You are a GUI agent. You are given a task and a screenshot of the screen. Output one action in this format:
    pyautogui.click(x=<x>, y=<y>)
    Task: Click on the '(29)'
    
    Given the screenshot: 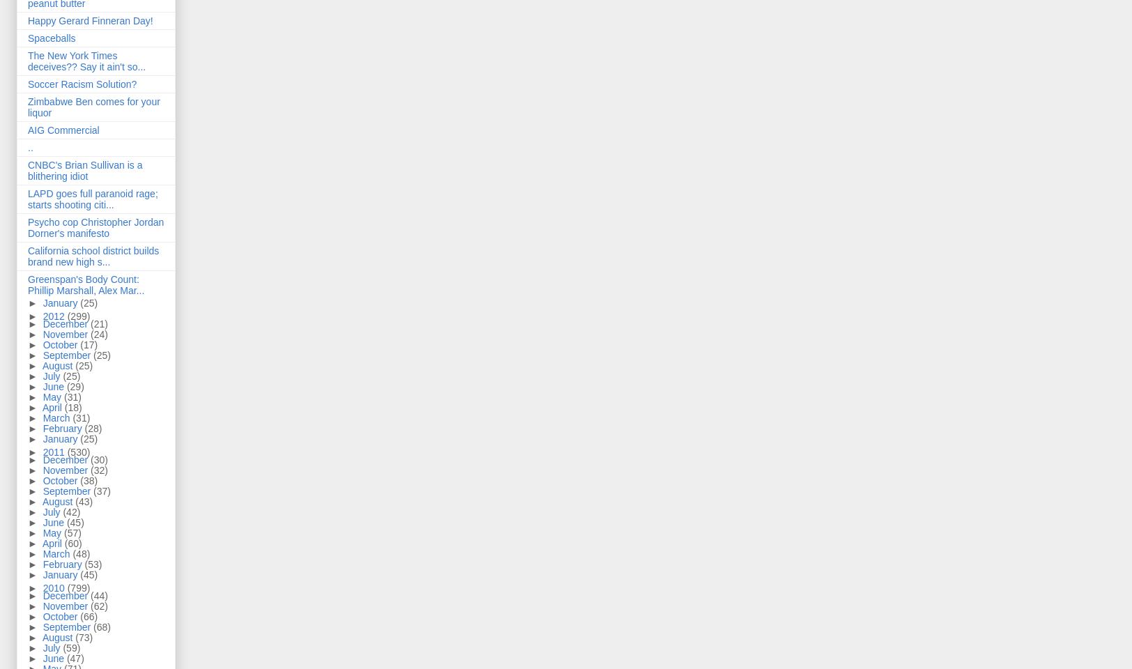 What is the action you would take?
    pyautogui.click(x=66, y=386)
    